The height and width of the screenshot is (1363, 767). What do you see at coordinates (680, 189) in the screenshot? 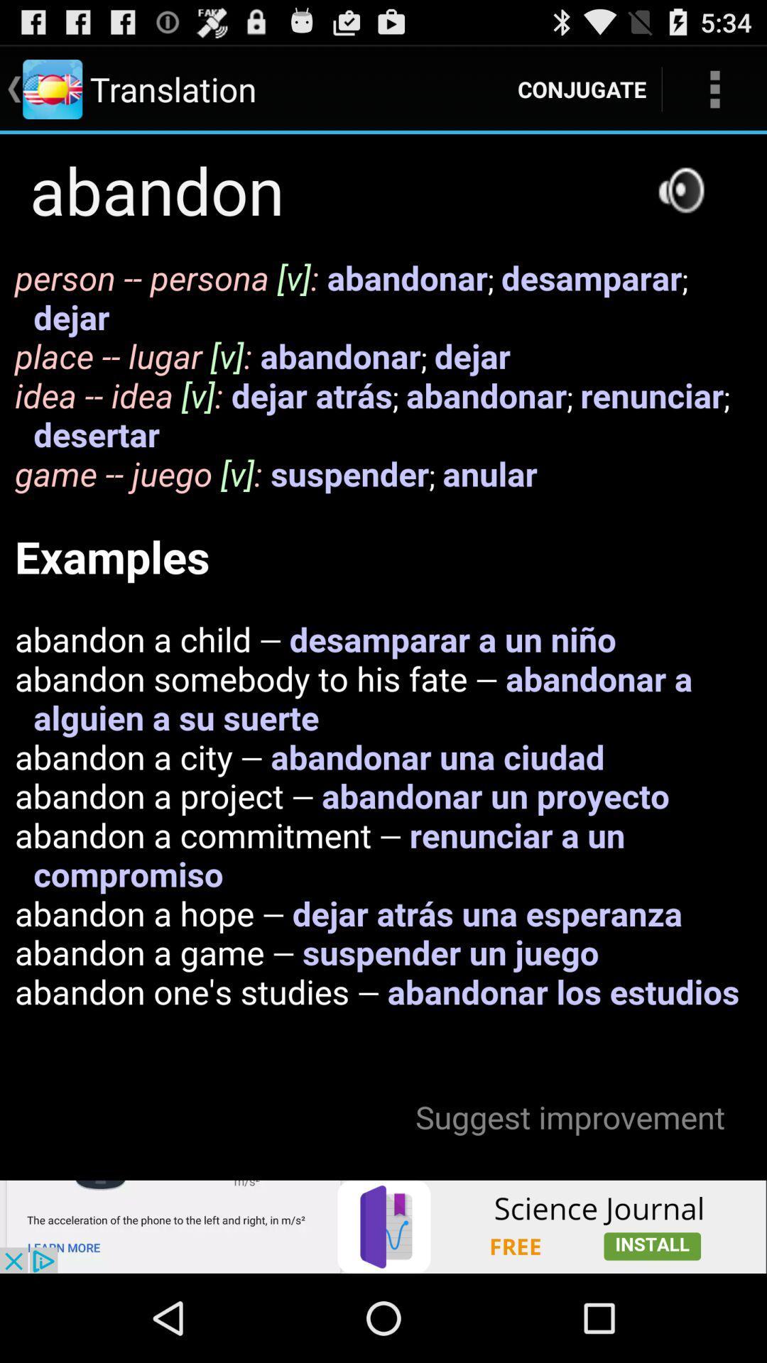
I see `read aloud` at bounding box center [680, 189].